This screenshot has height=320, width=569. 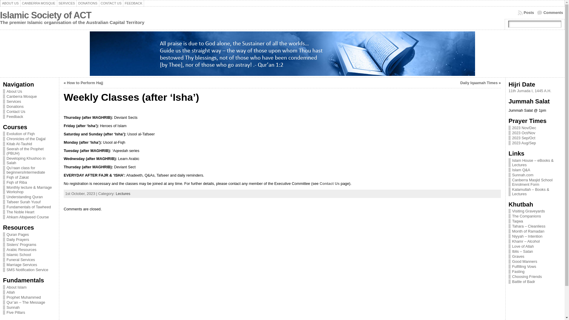 What do you see at coordinates (29, 292) in the screenshot?
I see `'Allah'` at bounding box center [29, 292].